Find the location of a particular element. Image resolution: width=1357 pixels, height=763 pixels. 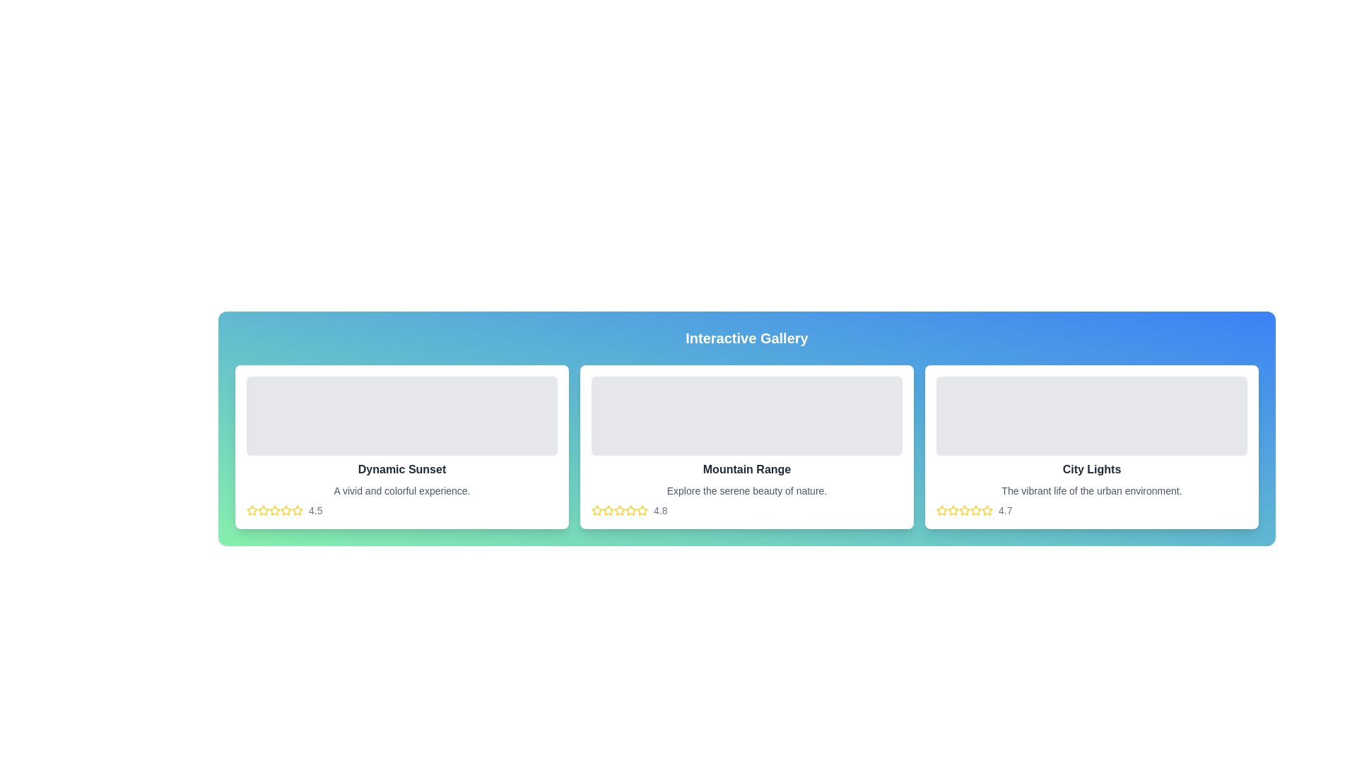

the star icon, which is the first in a horizontal sequence located below the text 'Mountain Range' within the rightmost content card is located at coordinates (597, 510).